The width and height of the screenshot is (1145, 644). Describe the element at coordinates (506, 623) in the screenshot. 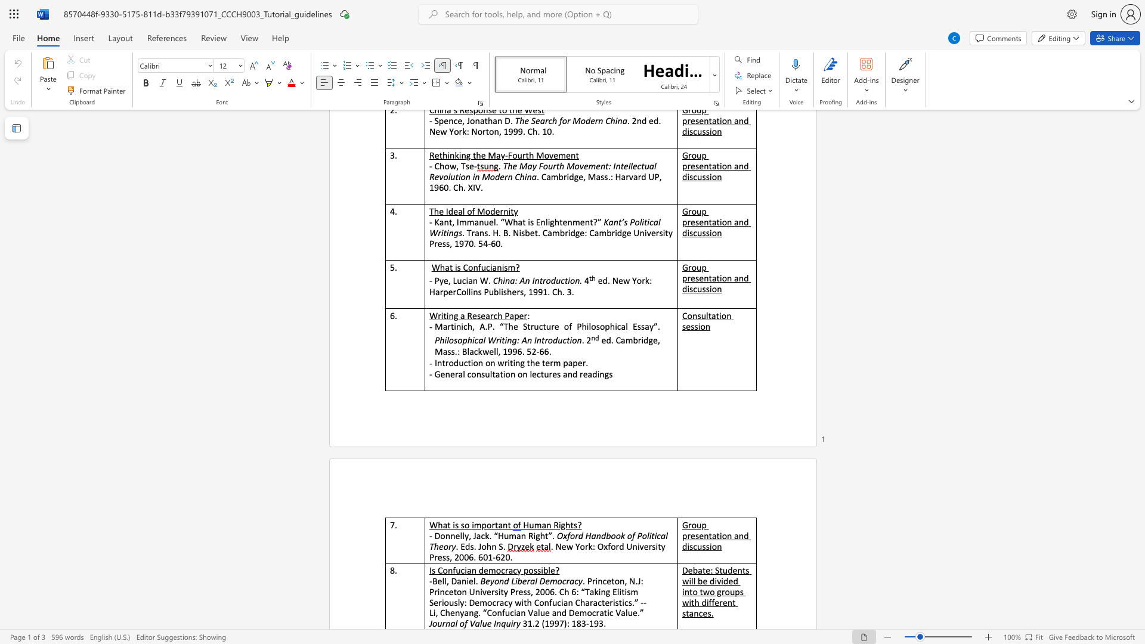

I see `the subset text "uiry" within the text "Journal of Value Inquiry"` at that location.